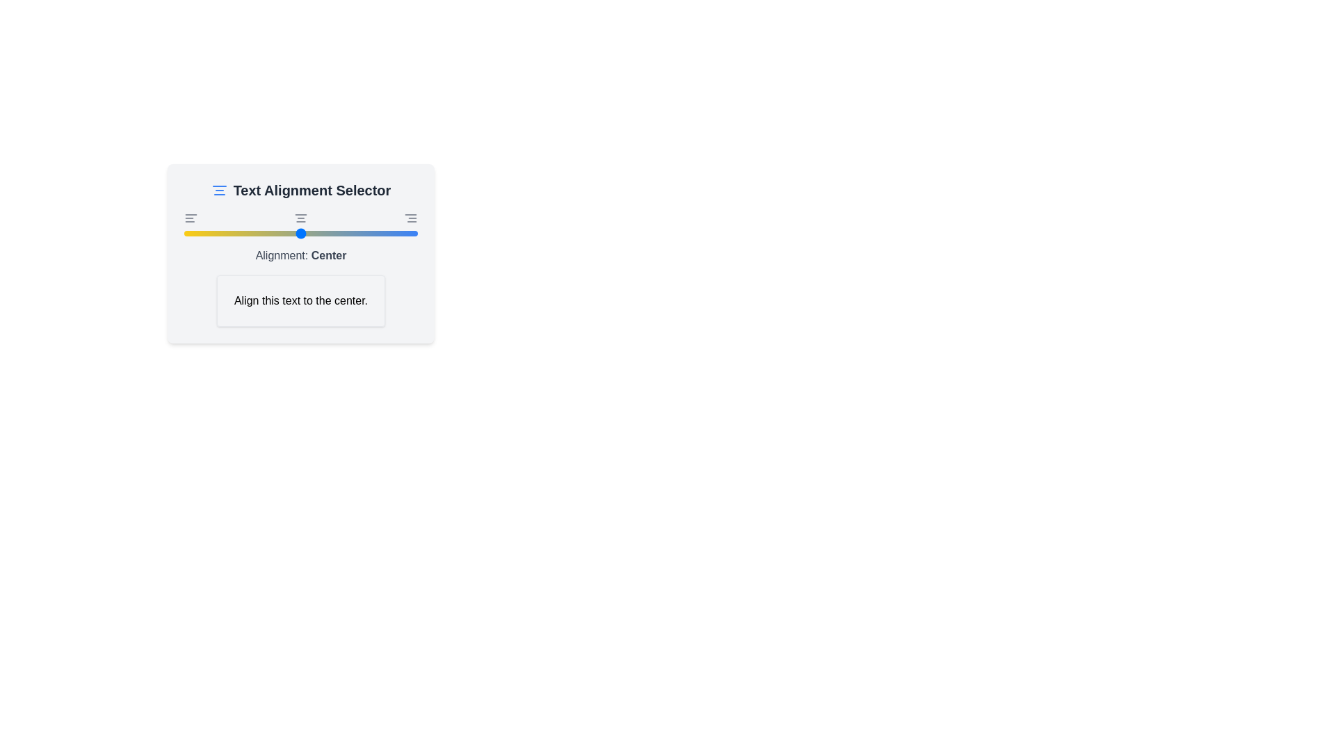  I want to click on the alignment to 0 by moving the slider, so click(183, 232).